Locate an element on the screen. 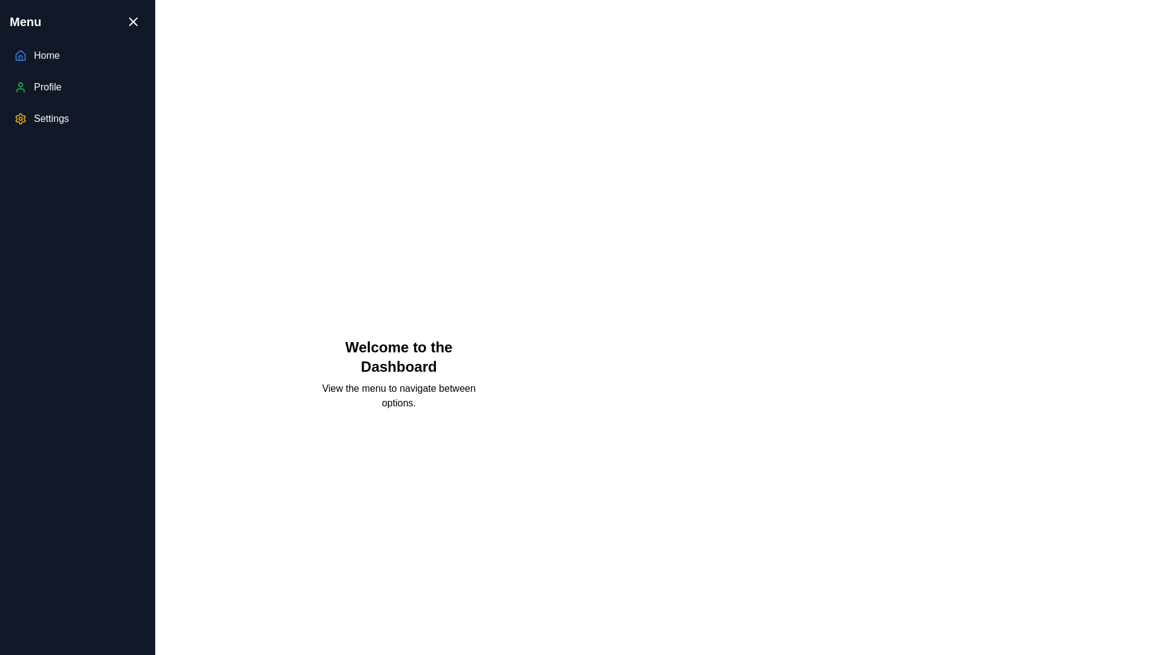  the 'Profile' menu item in the vertical navigation panel is located at coordinates (77, 86).